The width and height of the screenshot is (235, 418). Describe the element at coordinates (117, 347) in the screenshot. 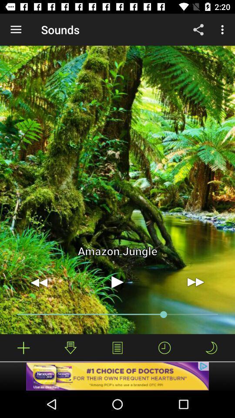

I see `the third icon which is at the bottom of the screen` at that location.